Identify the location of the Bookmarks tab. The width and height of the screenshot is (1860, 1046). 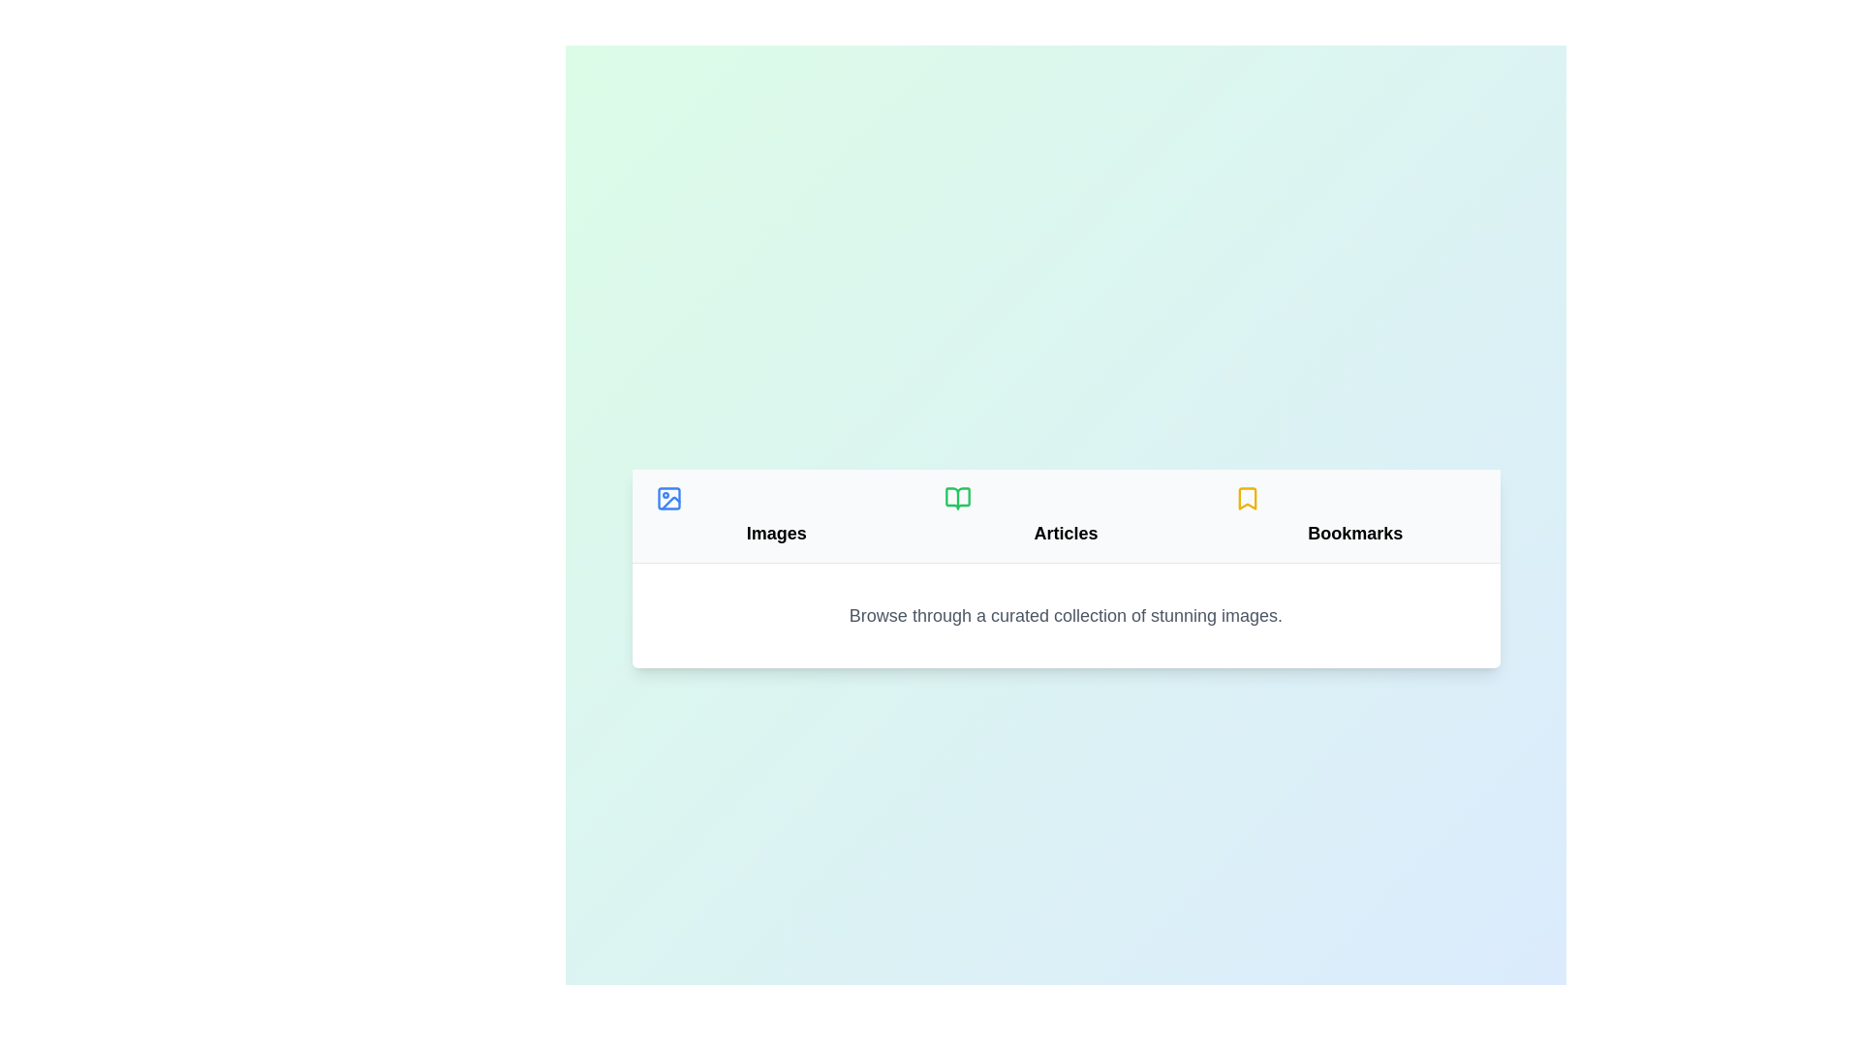
(1354, 514).